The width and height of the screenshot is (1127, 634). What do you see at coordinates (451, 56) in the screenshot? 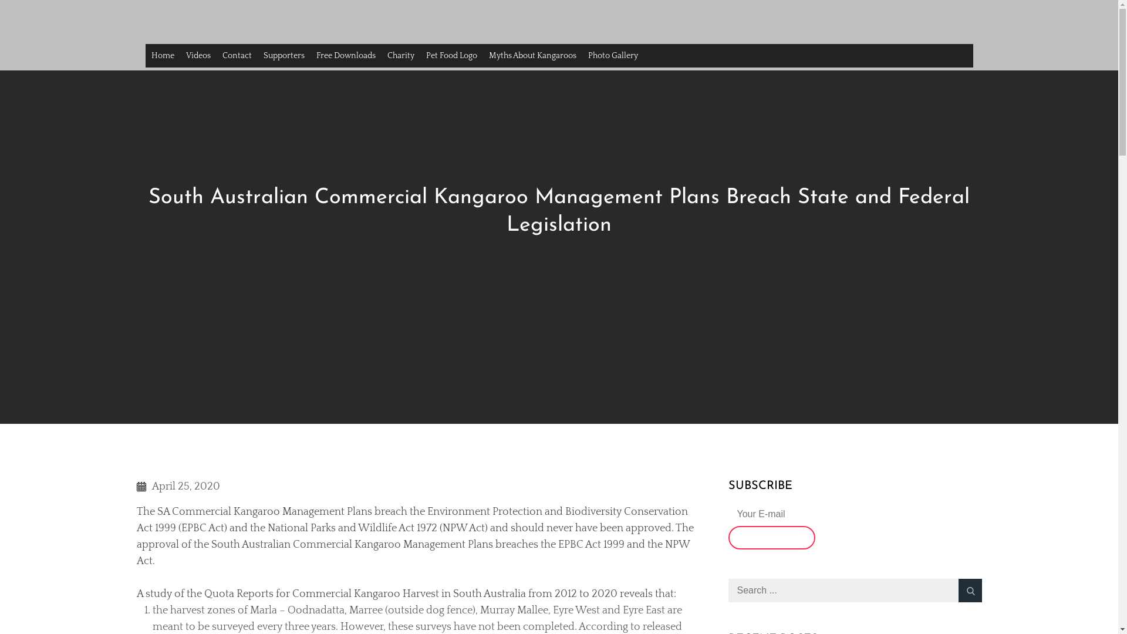
I see `'Pet Food Logo'` at bounding box center [451, 56].